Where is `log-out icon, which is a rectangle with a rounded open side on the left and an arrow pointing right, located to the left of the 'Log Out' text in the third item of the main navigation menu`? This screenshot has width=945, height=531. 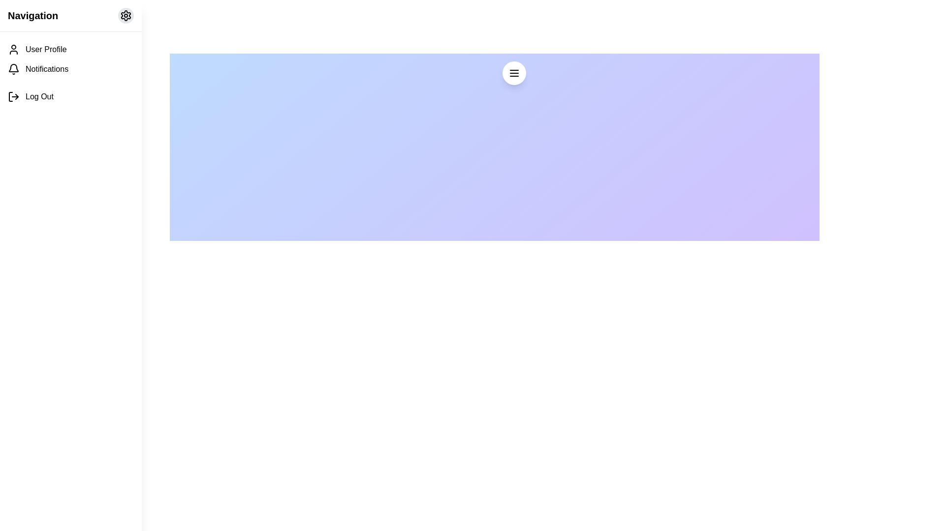
log-out icon, which is a rectangle with a rounded open side on the left and an arrow pointing right, located to the left of the 'Log Out' text in the third item of the main navigation menu is located at coordinates (14, 96).